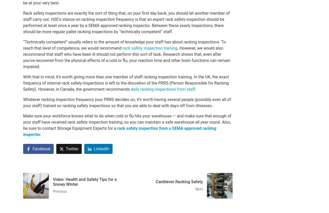 Image resolution: width=329 pixels, height=213 pixels. What do you see at coordinates (60, 191) in the screenshot?
I see `'Previous'` at bounding box center [60, 191].